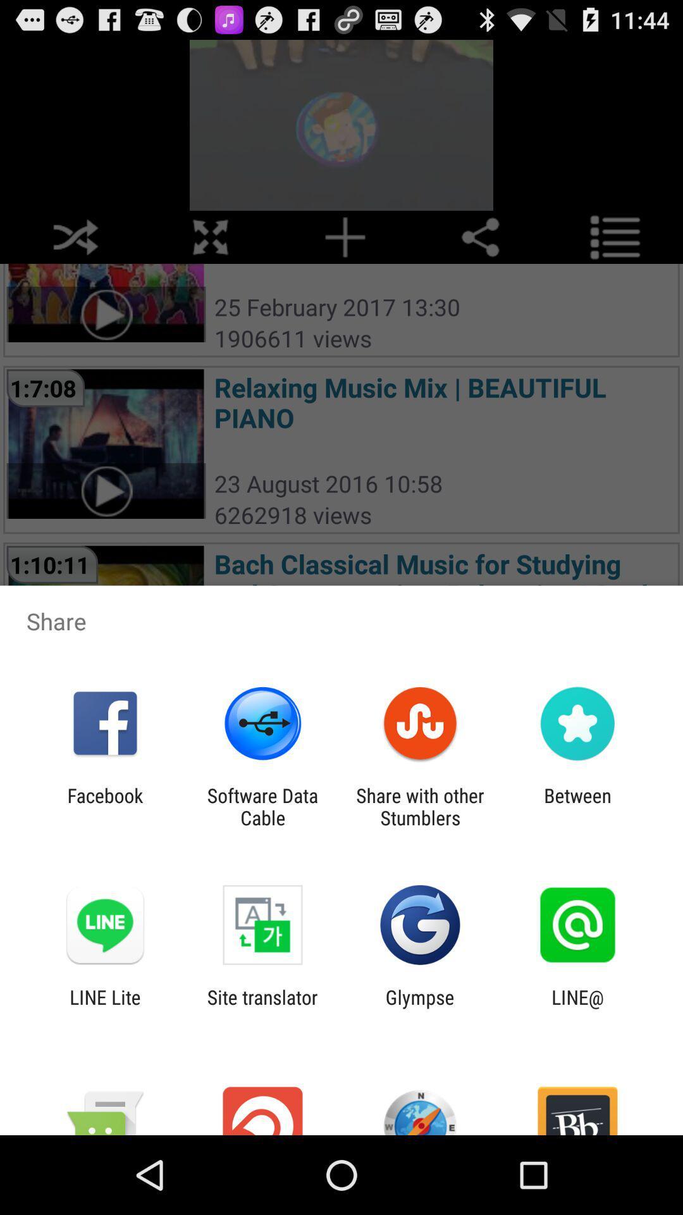  Describe the element at coordinates (577, 806) in the screenshot. I see `app to the right of share with other icon` at that location.